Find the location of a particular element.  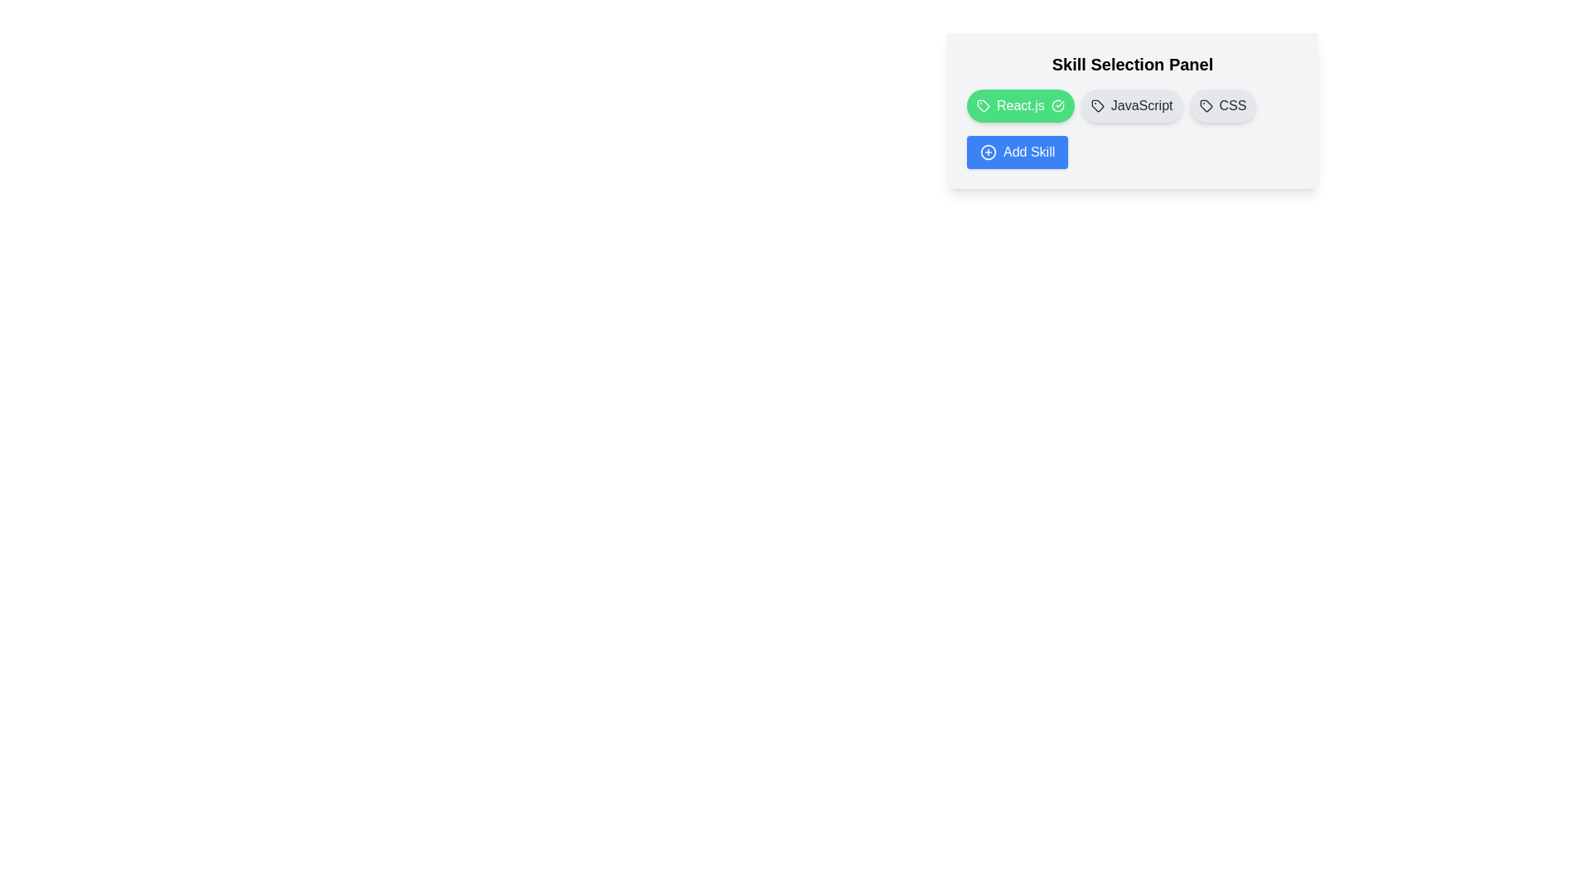

the skill tag labeled 'CSS' which is the third tag in the Skill Selection Panel, located immediately to the right of the 'JavaScript' tag is located at coordinates (1222, 105).